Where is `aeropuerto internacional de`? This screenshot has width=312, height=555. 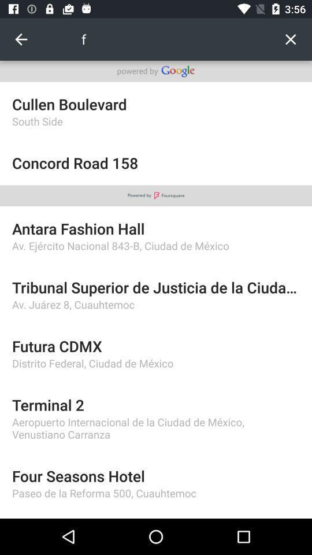
aeropuerto internacional de is located at coordinates (156, 427).